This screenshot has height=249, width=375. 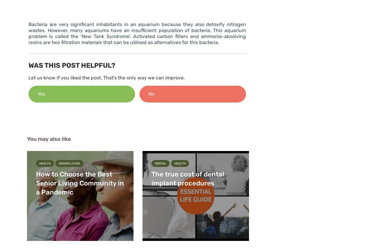 What do you see at coordinates (106, 77) in the screenshot?
I see `'Let us know if you liked the post. That’s the only way we can improve.'` at bounding box center [106, 77].